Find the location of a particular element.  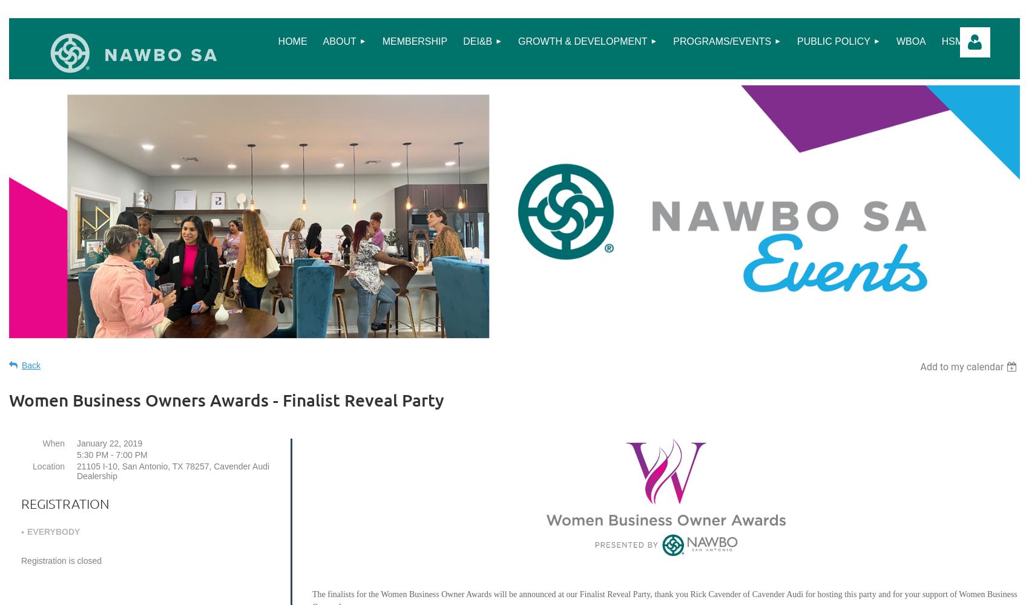

'When' is located at coordinates (53, 442).